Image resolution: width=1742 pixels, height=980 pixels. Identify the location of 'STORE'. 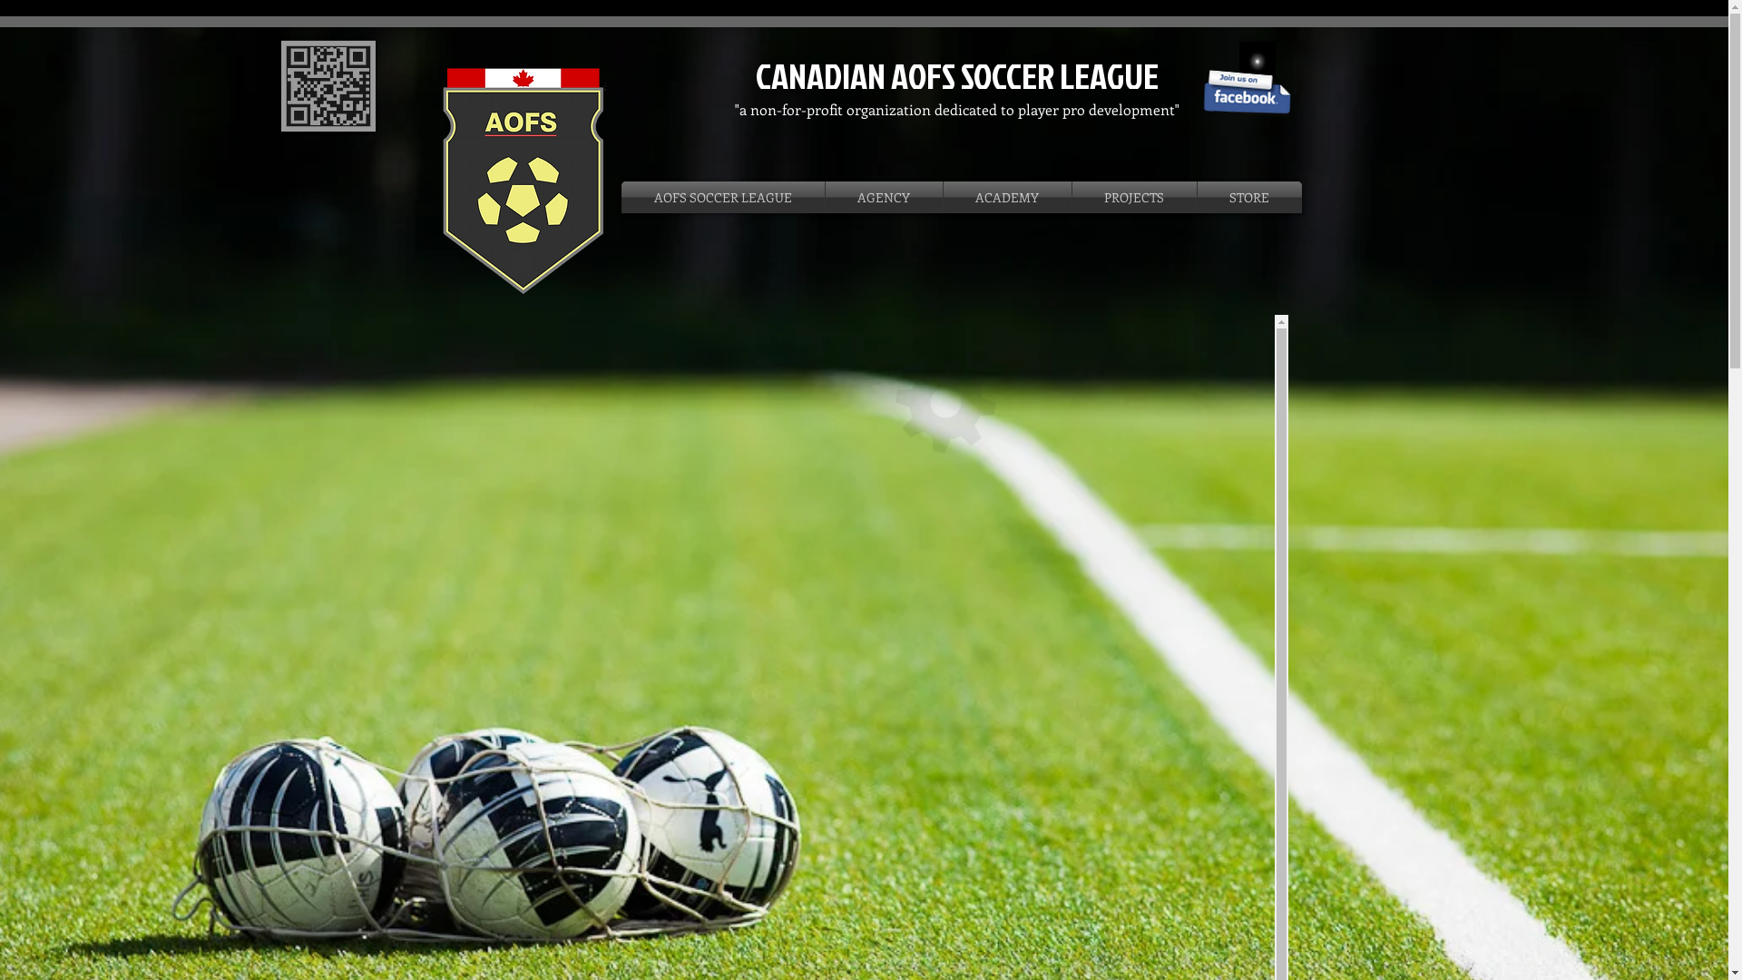
(1248, 197).